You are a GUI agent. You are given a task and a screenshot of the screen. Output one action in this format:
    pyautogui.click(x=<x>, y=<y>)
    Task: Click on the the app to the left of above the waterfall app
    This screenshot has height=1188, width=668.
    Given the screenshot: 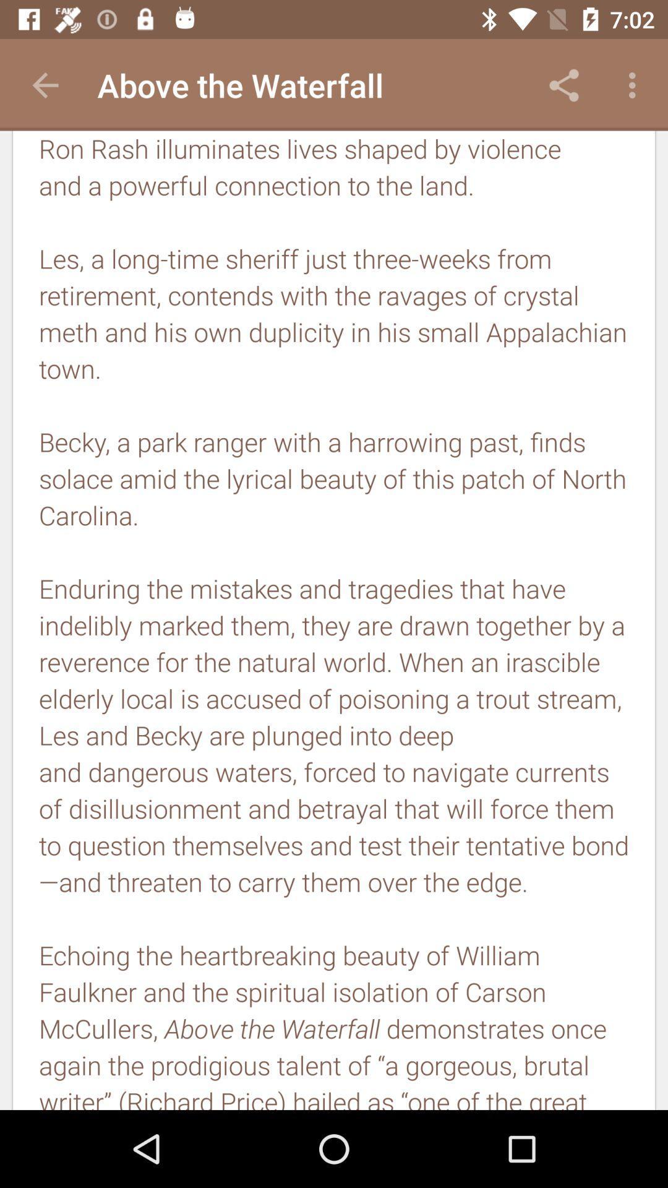 What is the action you would take?
    pyautogui.click(x=45, y=85)
    